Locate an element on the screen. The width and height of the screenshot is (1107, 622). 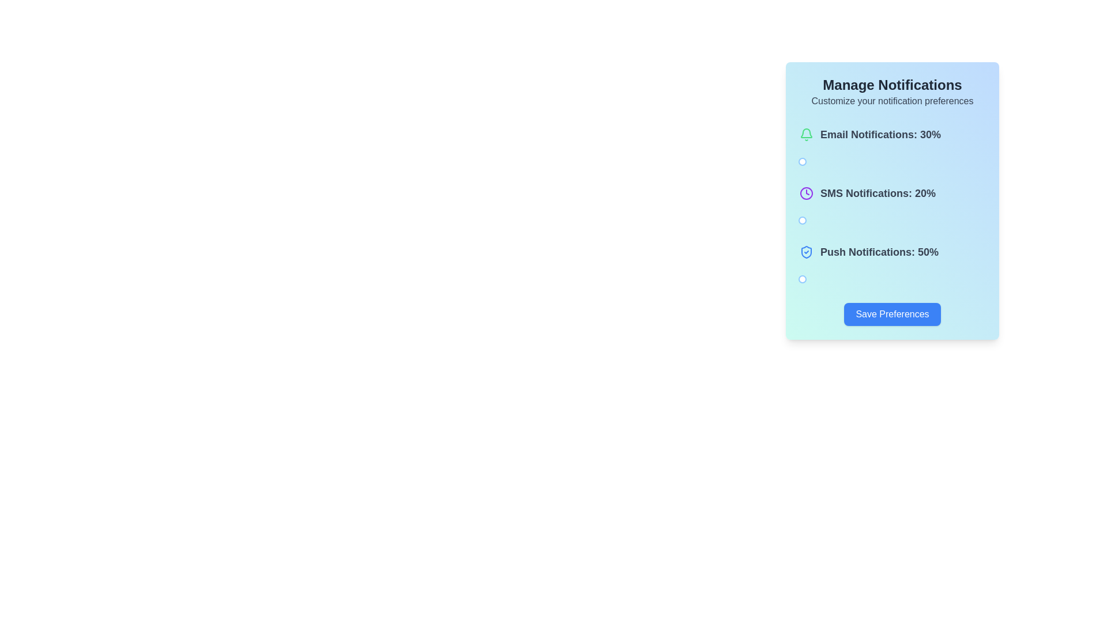
shield-shaped icon with a check mark inside, styled in blue, located to the left of the 'Push Notifications: 50%' text is located at coordinates (805, 252).